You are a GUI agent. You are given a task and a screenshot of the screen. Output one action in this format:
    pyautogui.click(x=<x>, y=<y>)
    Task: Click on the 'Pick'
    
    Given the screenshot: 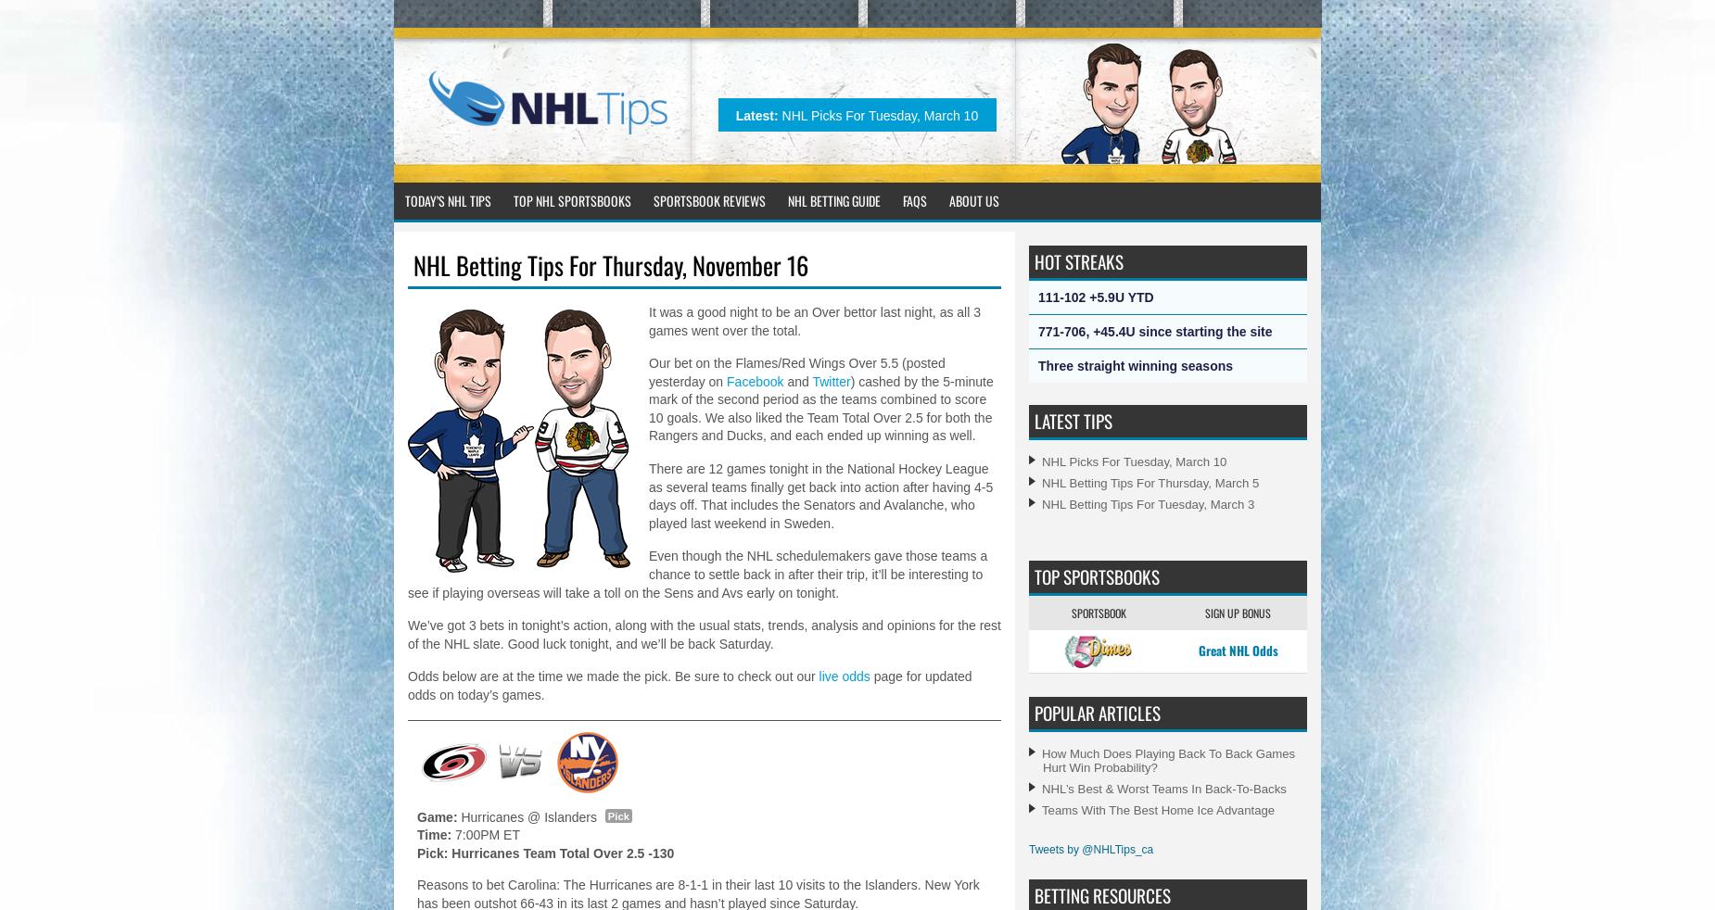 What is the action you would take?
    pyautogui.click(x=617, y=815)
    